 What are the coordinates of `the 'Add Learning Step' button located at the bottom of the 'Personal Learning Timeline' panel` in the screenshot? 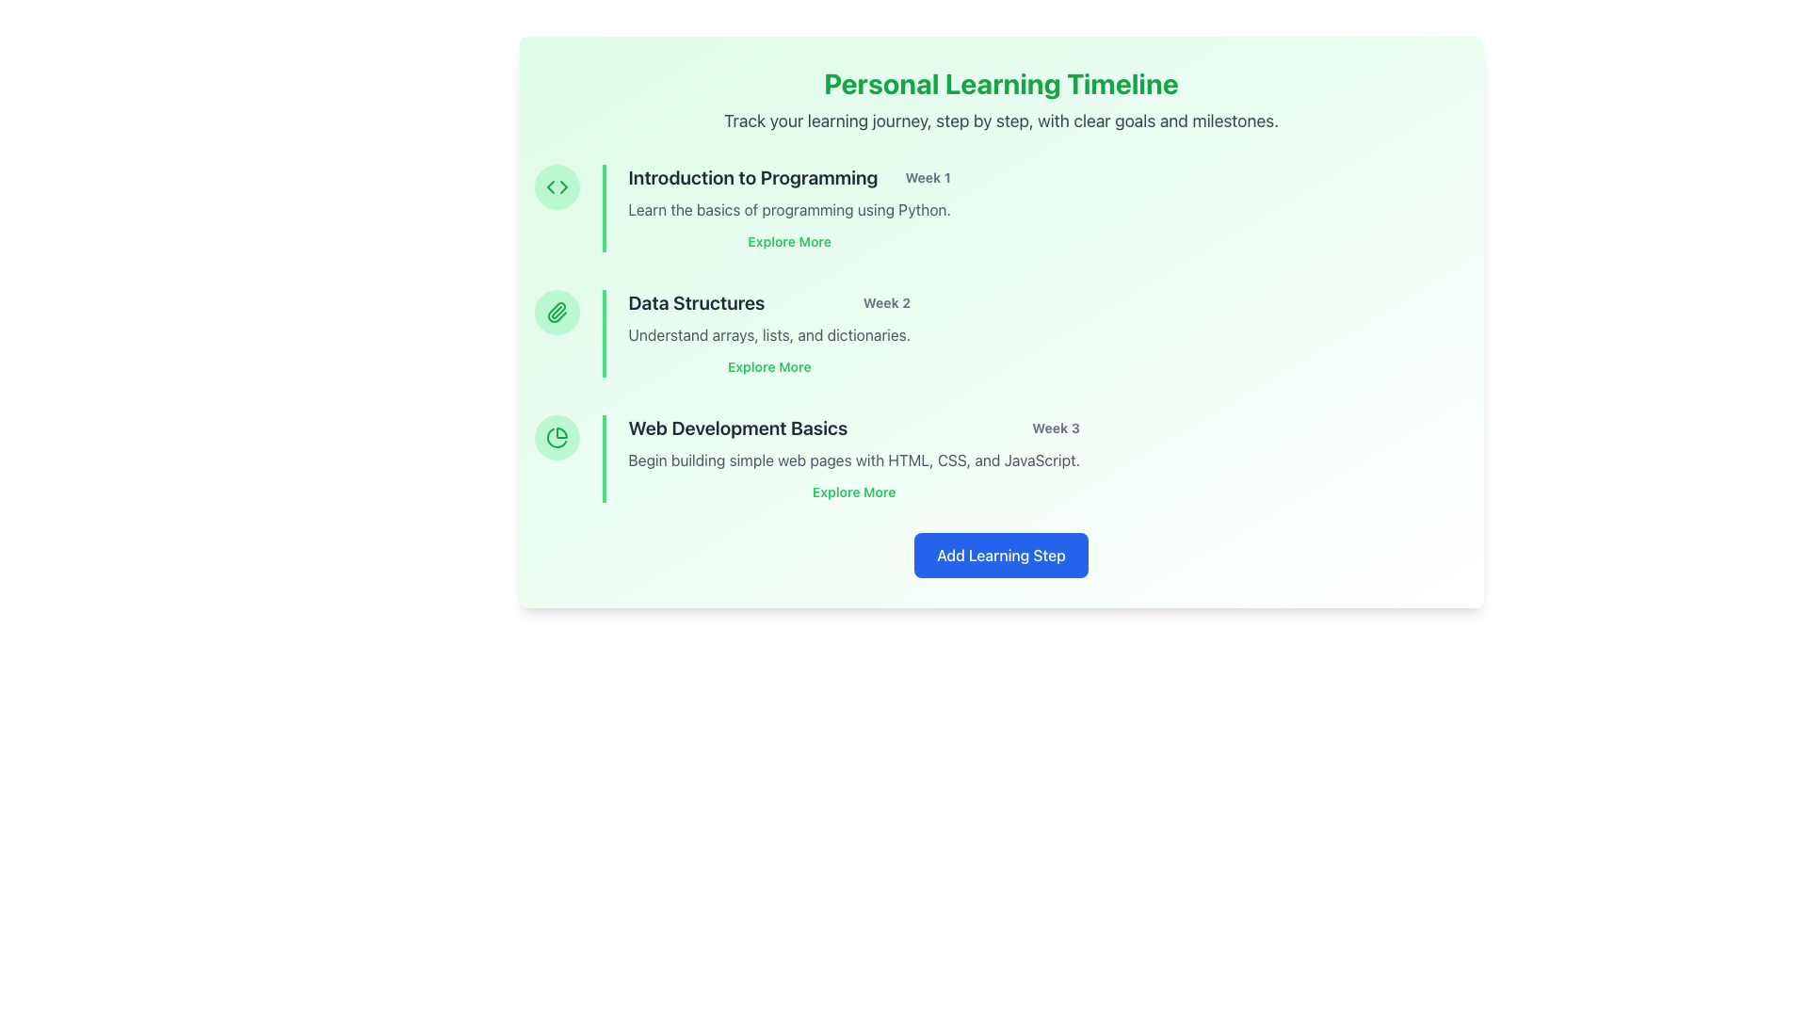 It's located at (1000, 555).